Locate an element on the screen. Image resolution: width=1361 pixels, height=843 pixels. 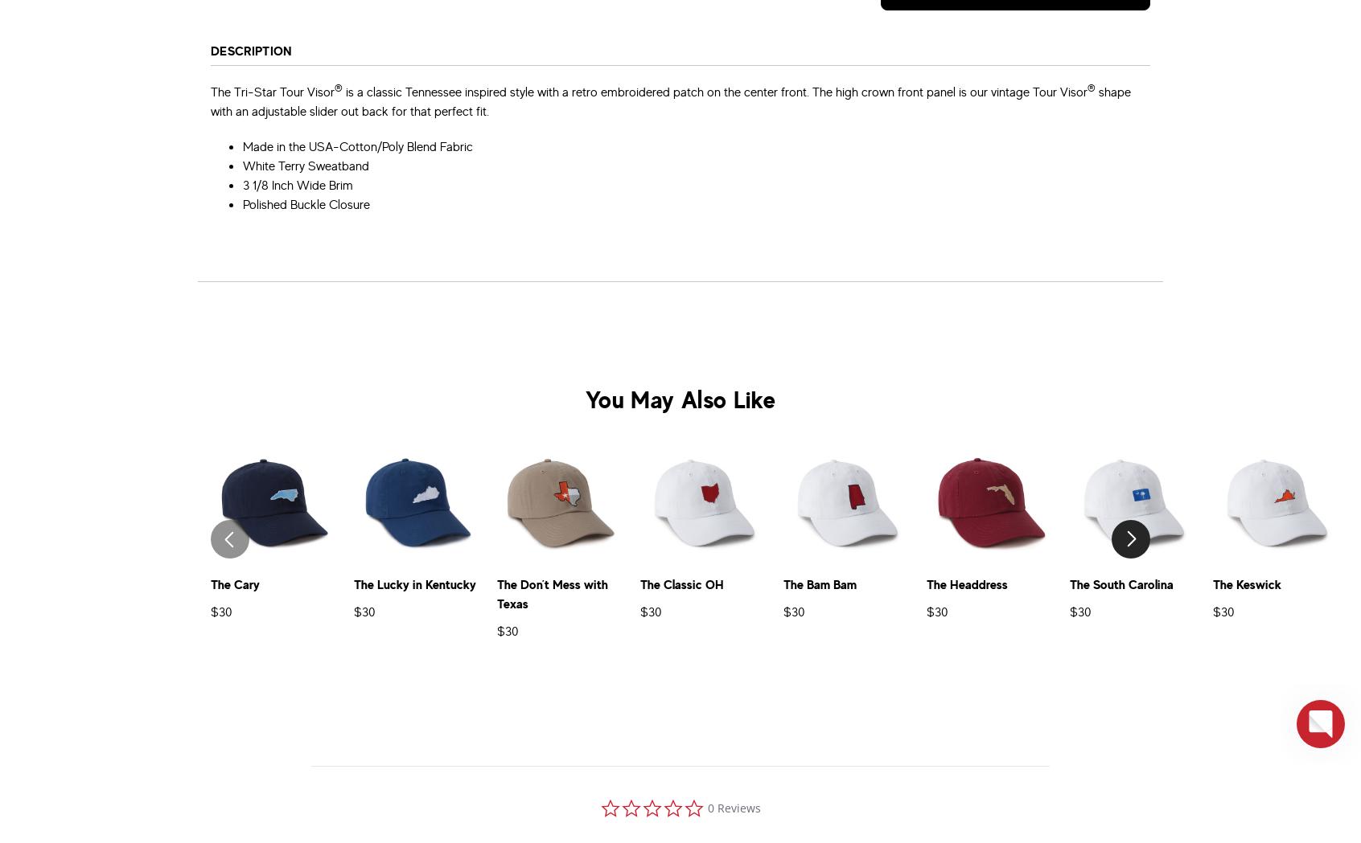
'The Headdress' is located at coordinates (967, 583).